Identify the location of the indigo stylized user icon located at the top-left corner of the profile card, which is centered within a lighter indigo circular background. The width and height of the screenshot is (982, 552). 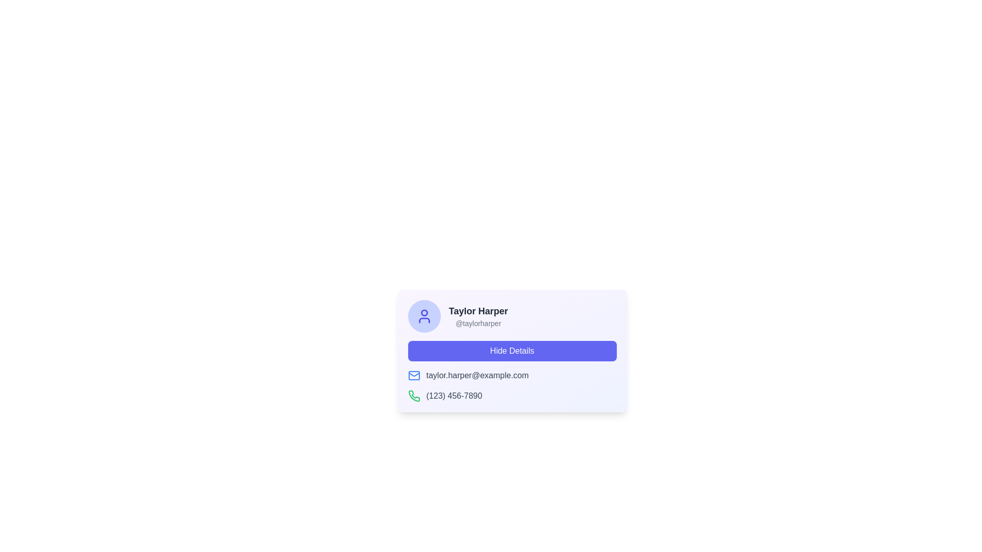
(424, 315).